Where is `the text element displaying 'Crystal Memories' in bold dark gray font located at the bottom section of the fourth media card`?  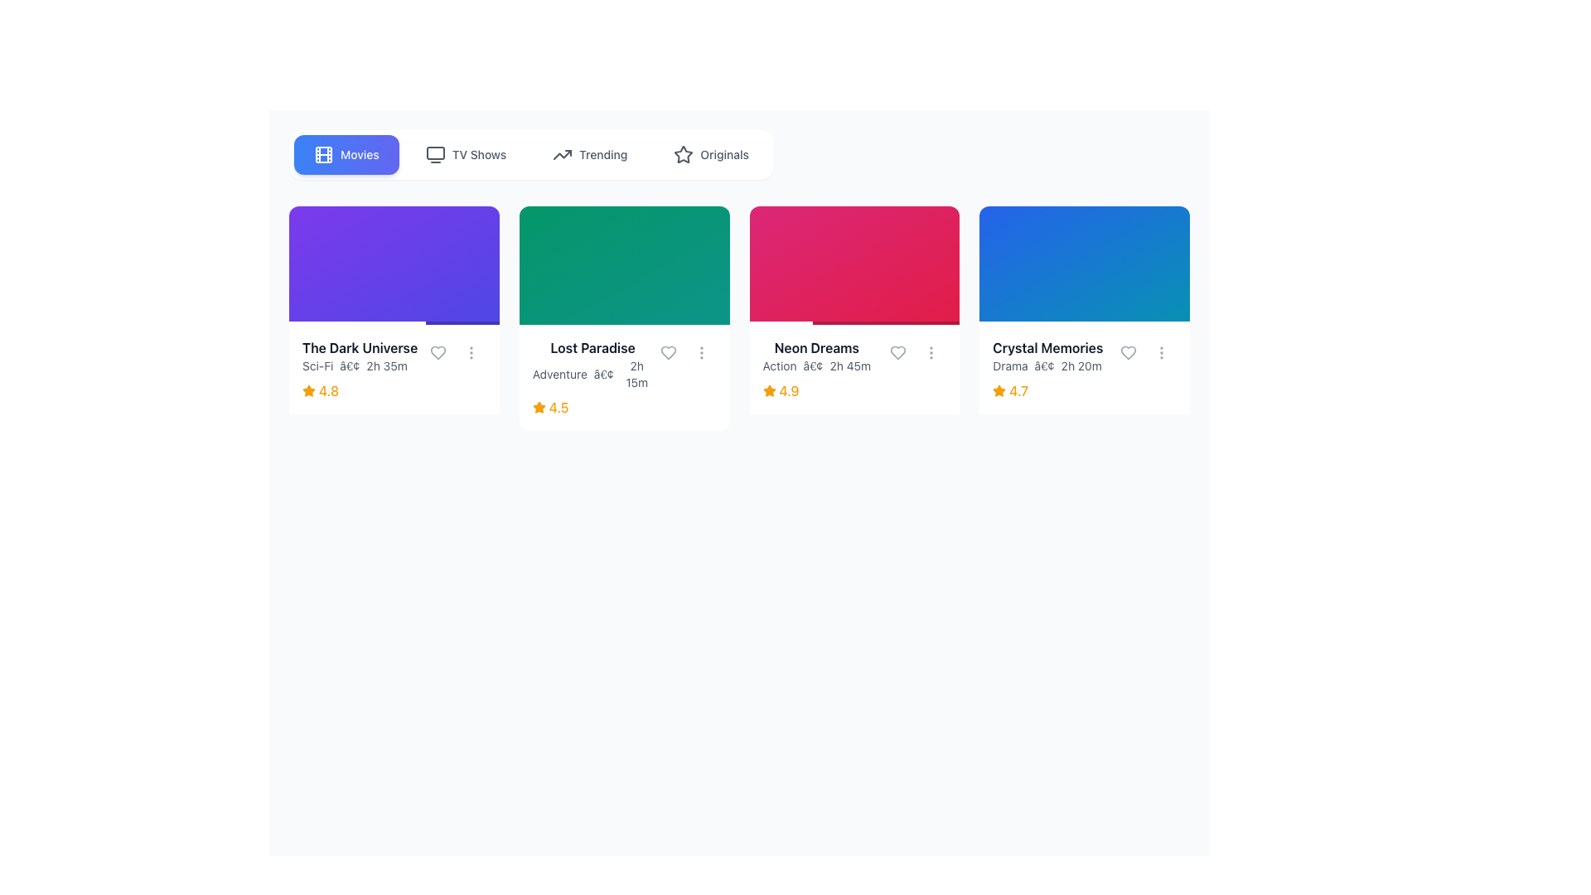
the text element displaying 'Crystal Memories' in bold dark gray font located at the bottom section of the fourth media card is located at coordinates (1047, 346).